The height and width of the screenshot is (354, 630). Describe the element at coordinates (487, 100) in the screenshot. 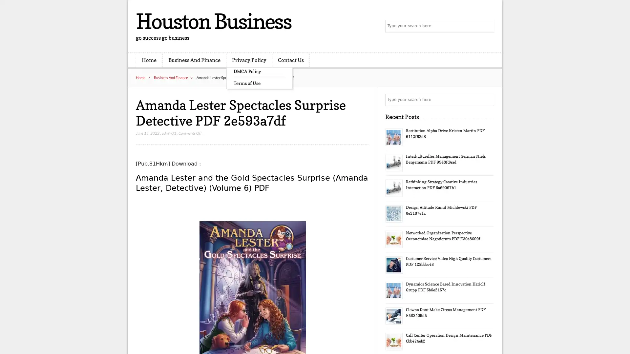

I see `Search` at that location.